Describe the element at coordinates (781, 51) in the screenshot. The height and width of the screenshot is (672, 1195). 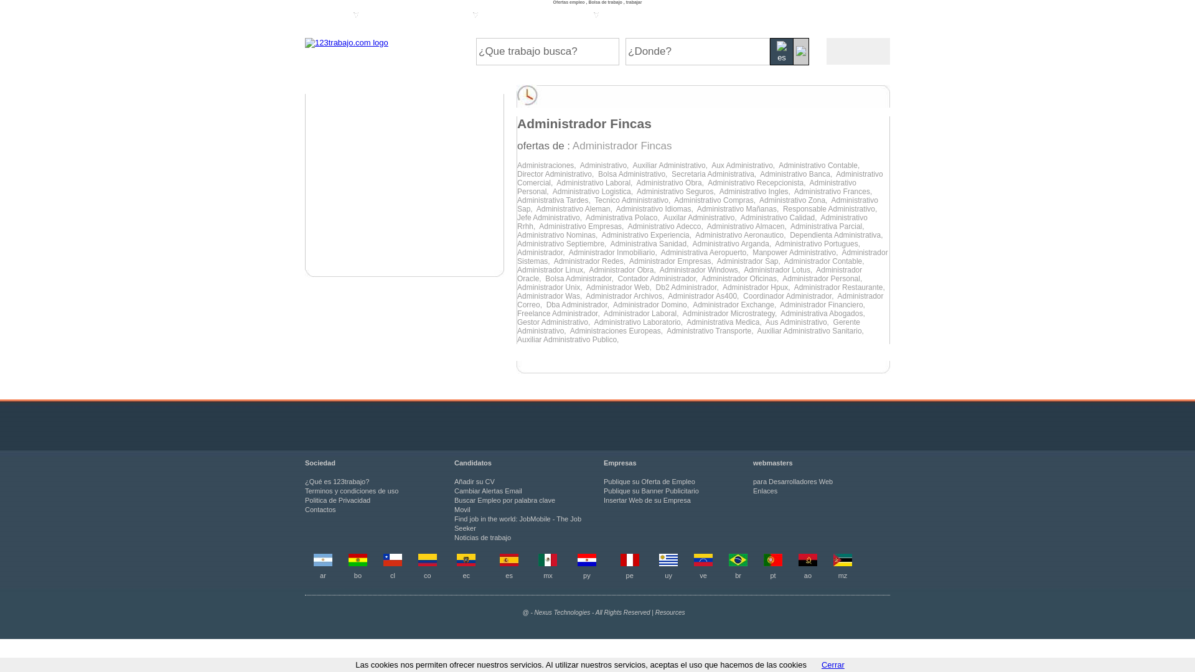
I see `'  es'` at that location.